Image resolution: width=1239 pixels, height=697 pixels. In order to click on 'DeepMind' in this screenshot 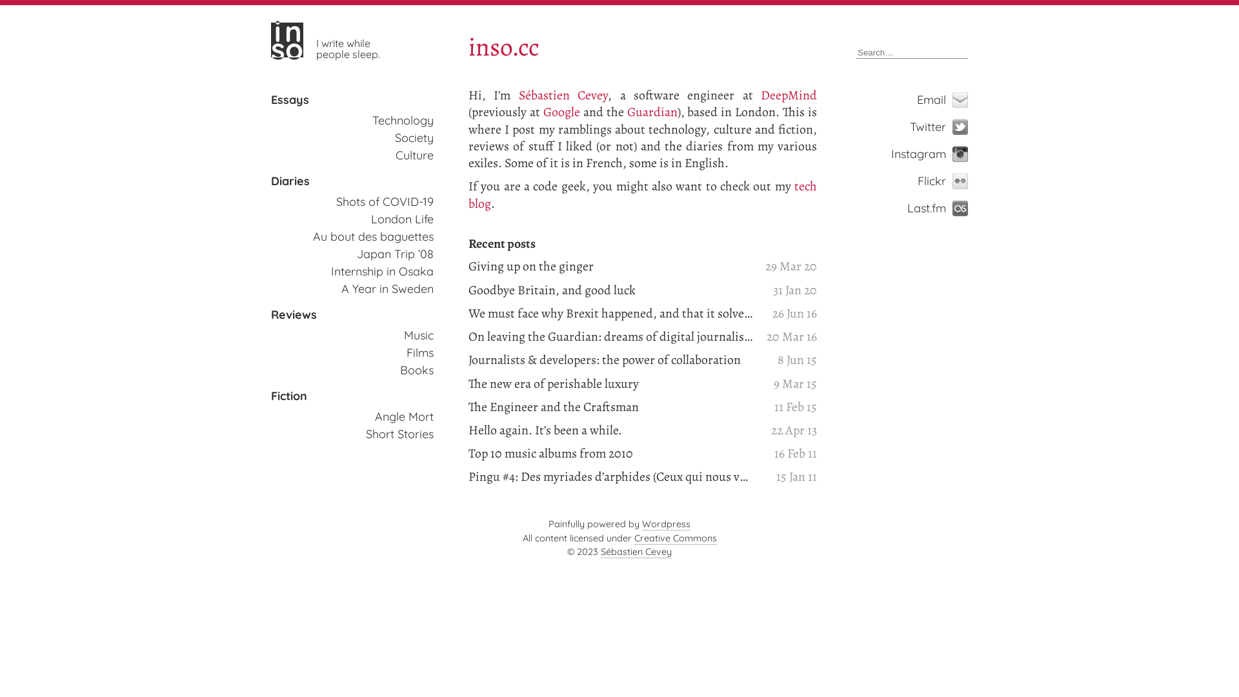, I will do `click(788, 94)`.